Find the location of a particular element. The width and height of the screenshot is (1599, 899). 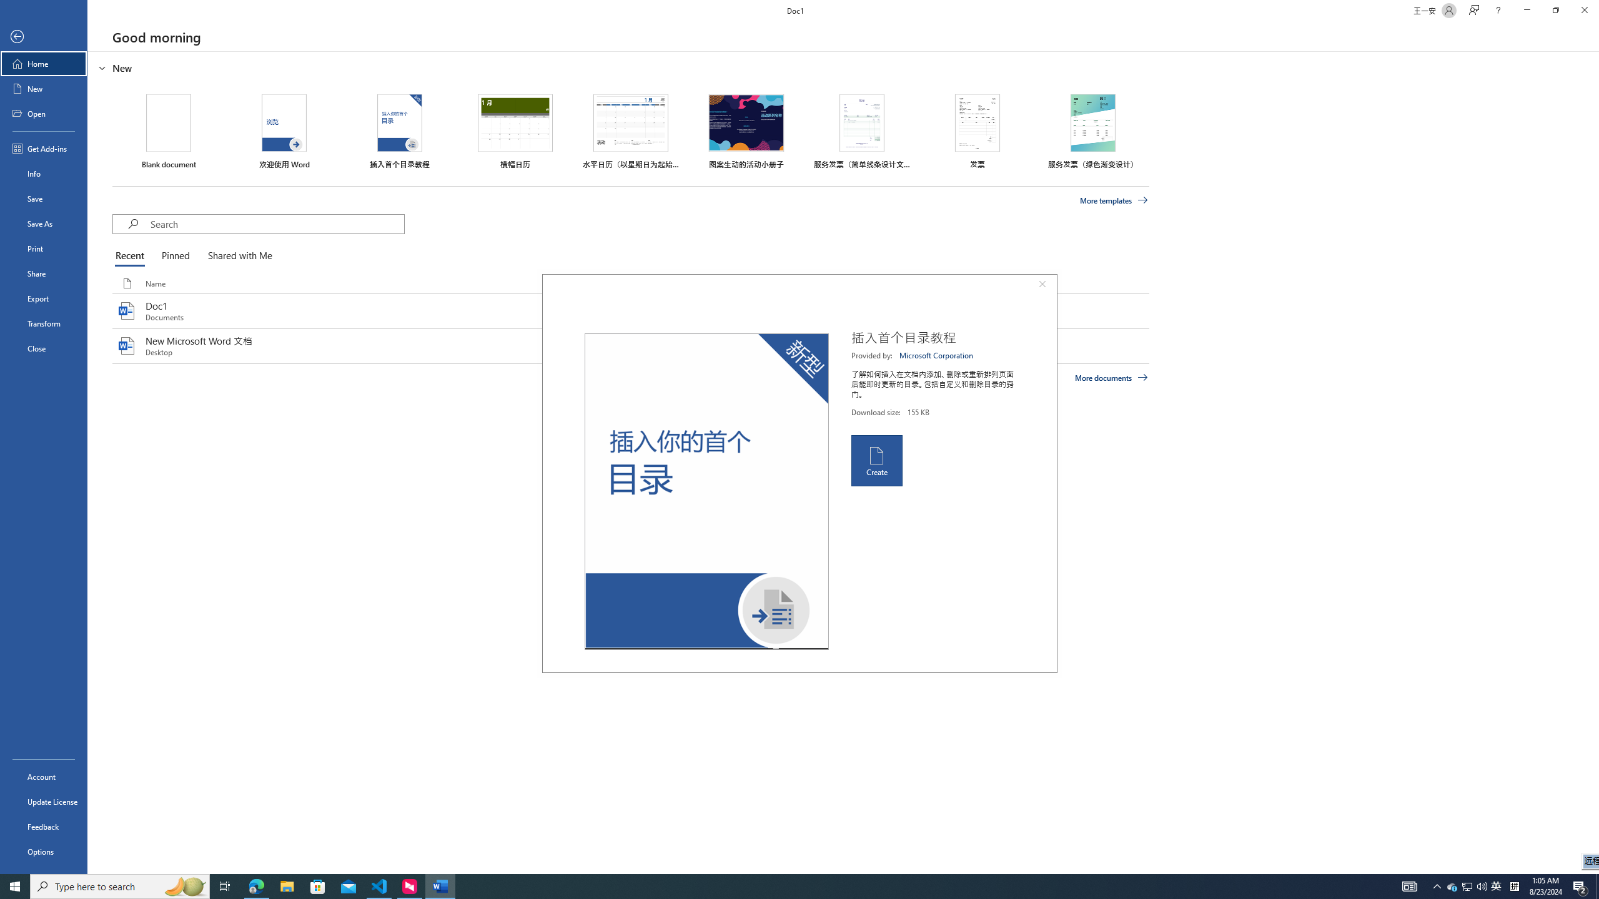

'Home' is located at coordinates (43, 64).